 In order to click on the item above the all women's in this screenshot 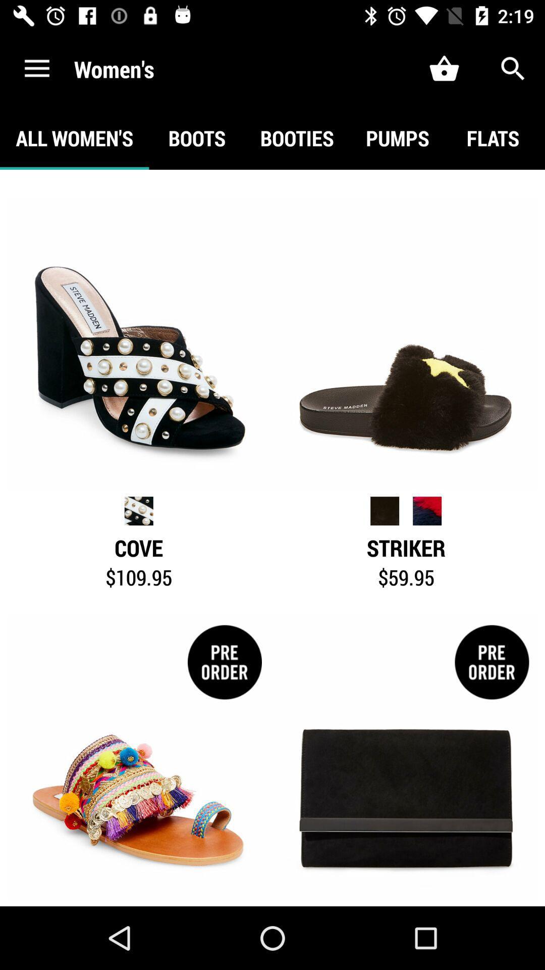, I will do `click(36, 68)`.